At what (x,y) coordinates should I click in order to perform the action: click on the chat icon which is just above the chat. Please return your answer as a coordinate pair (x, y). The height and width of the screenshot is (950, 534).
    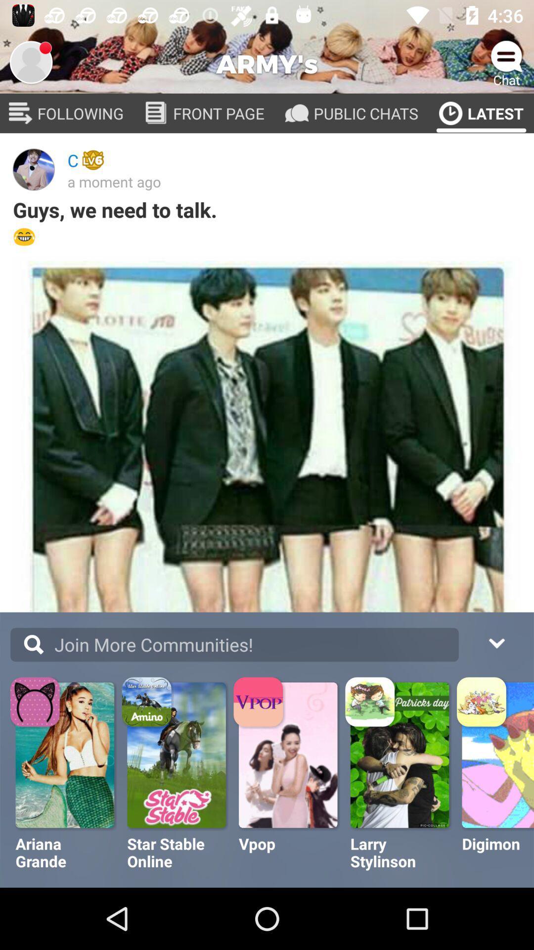
    Looking at the image, I should click on (507, 56).